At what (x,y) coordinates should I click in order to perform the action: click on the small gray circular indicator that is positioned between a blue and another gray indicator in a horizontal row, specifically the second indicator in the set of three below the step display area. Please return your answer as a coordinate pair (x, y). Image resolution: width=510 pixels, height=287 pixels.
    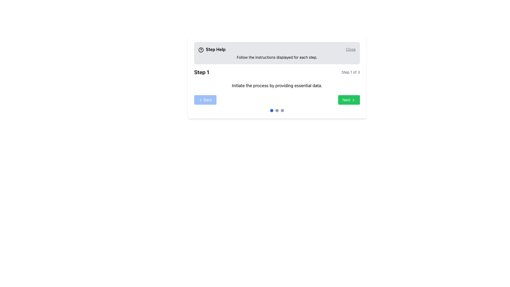
    Looking at the image, I should click on (277, 110).